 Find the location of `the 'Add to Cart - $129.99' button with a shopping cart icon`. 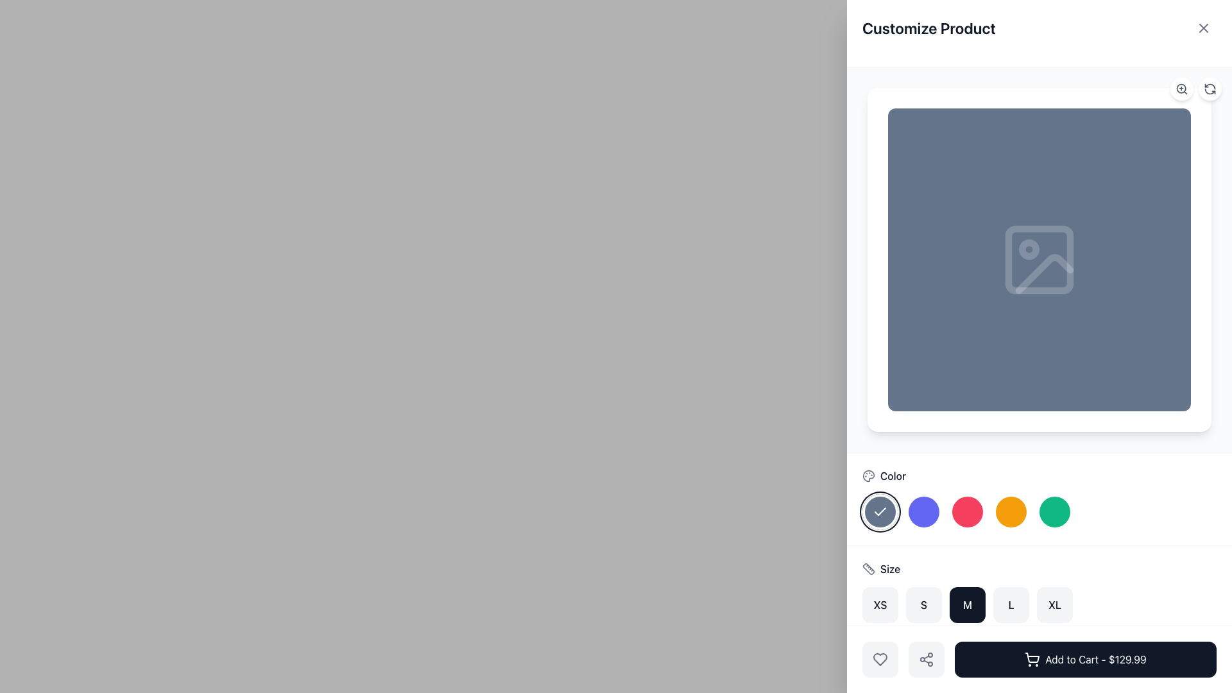

the 'Add to Cart - $129.99' button with a shopping cart icon is located at coordinates (1084, 660).